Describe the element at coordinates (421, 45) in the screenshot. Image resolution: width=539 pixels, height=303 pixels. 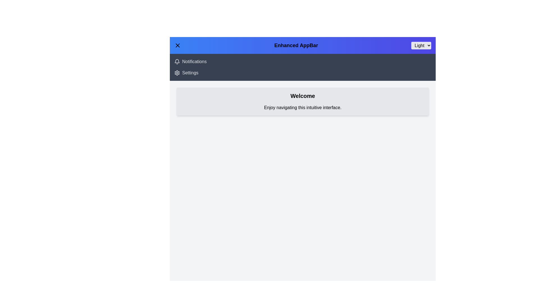
I see `the theme option Dark from the dropdown menu` at that location.